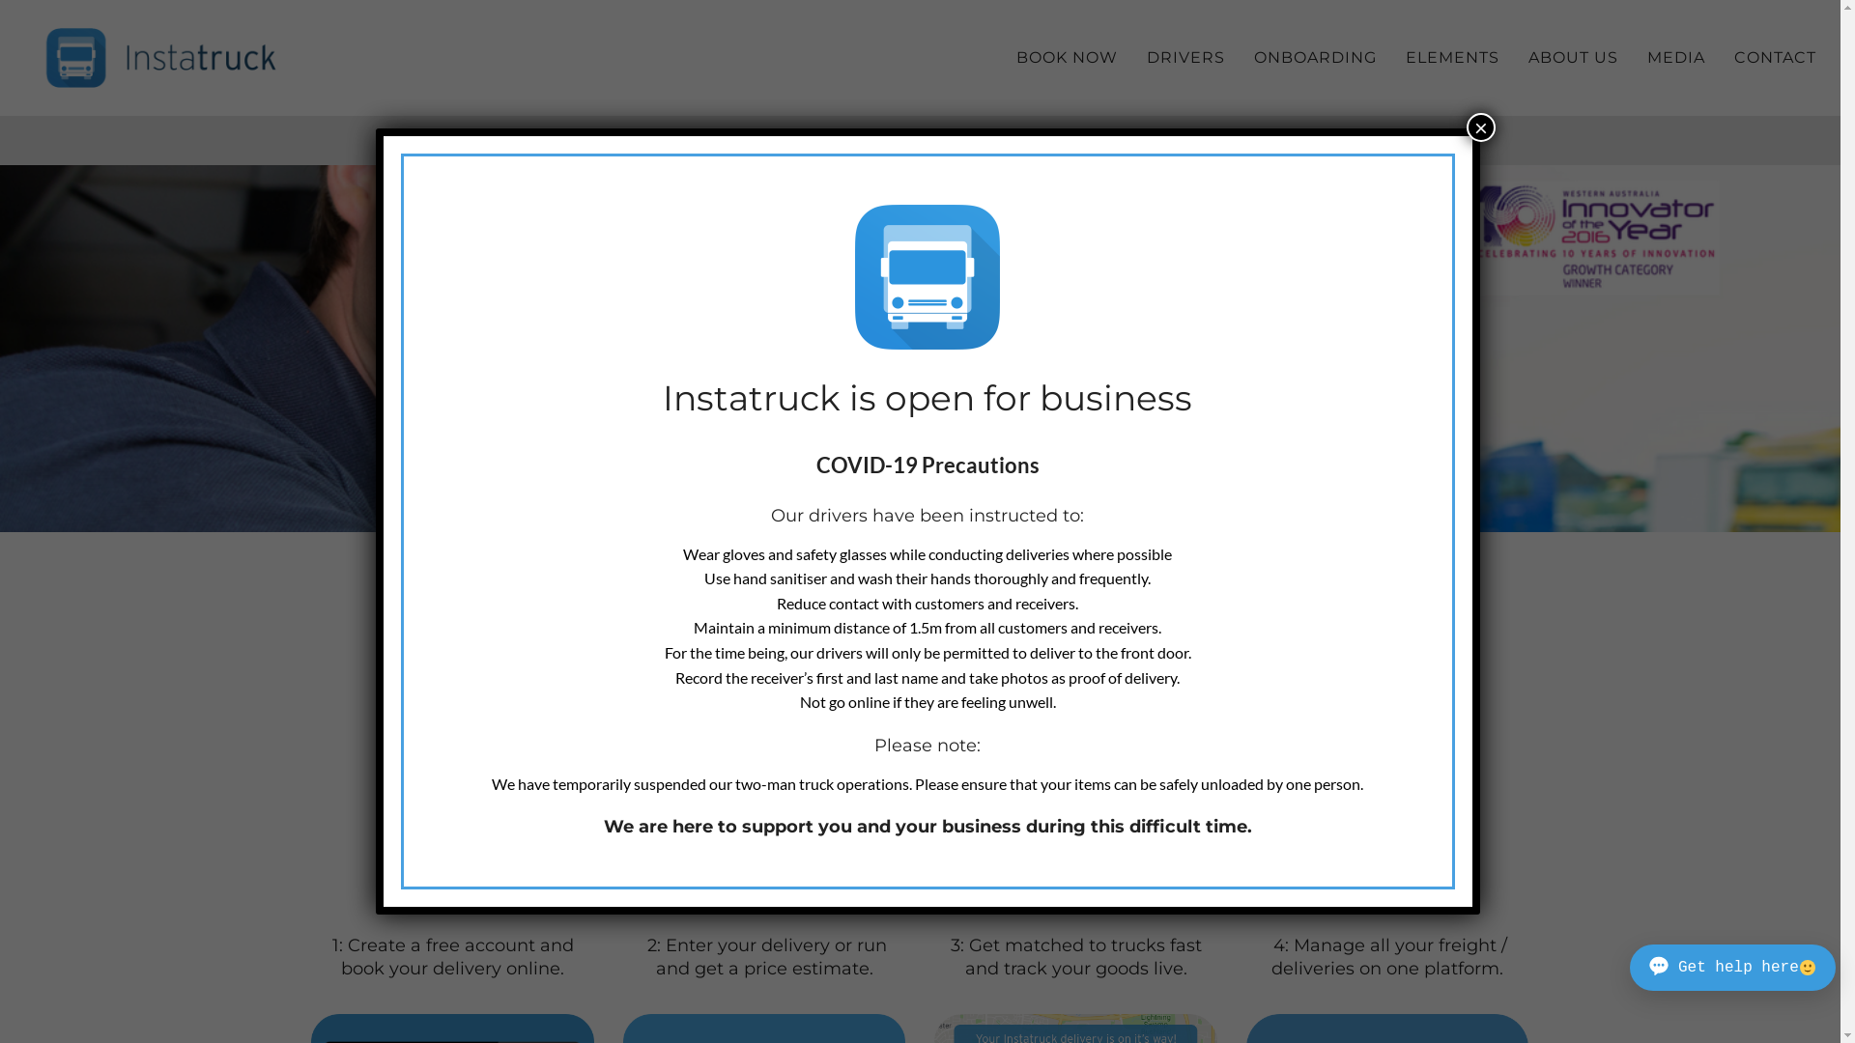 Image resolution: width=1855 pixels, height=1043 pixels. What do you see at coordinates (1512, 57) in the screenshot?
I see `'ABOUT US'` at bounding box center [1512, 57].